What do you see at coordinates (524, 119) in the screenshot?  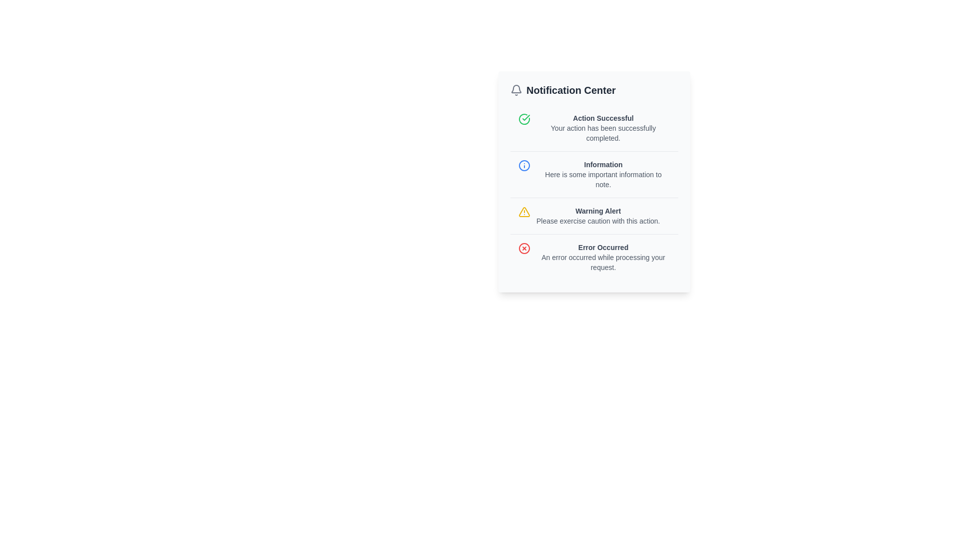 I see `the circular icon with a green border and a checkmark inside, which indicates completion or success, located at the top left of the 'Action Successful' notification panel` at bounding box center [524, 119].